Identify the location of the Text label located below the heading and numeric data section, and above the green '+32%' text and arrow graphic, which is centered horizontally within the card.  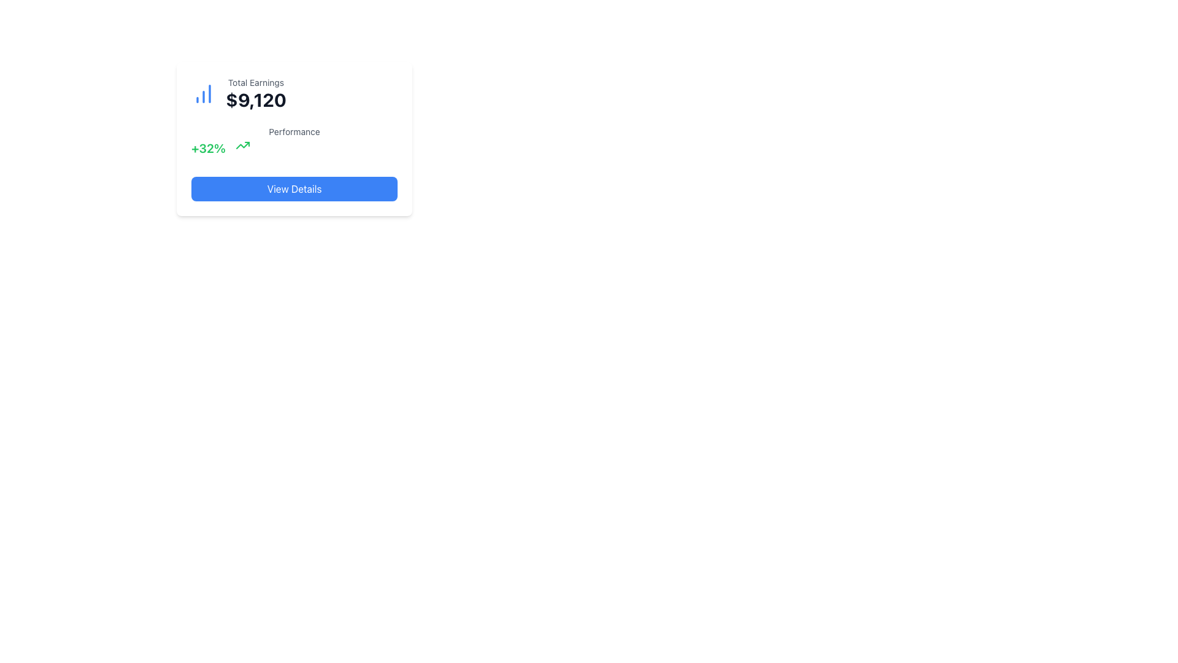
(294, 132).